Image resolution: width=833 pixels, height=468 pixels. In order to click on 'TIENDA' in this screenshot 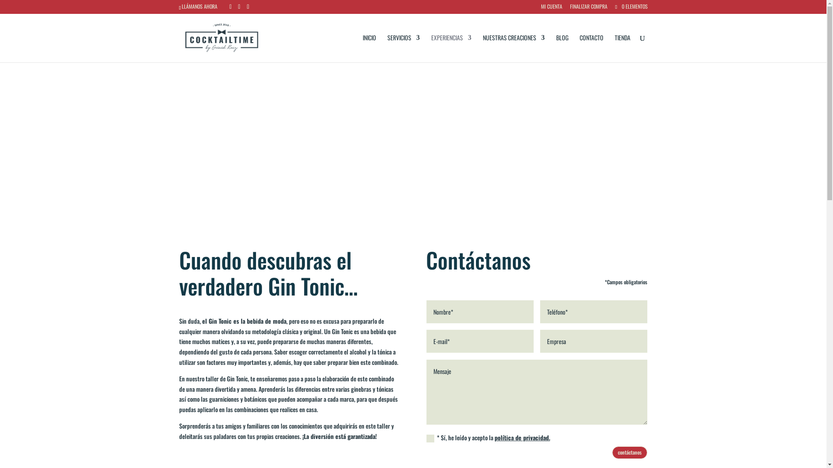, I will do `click(622, 48)`.